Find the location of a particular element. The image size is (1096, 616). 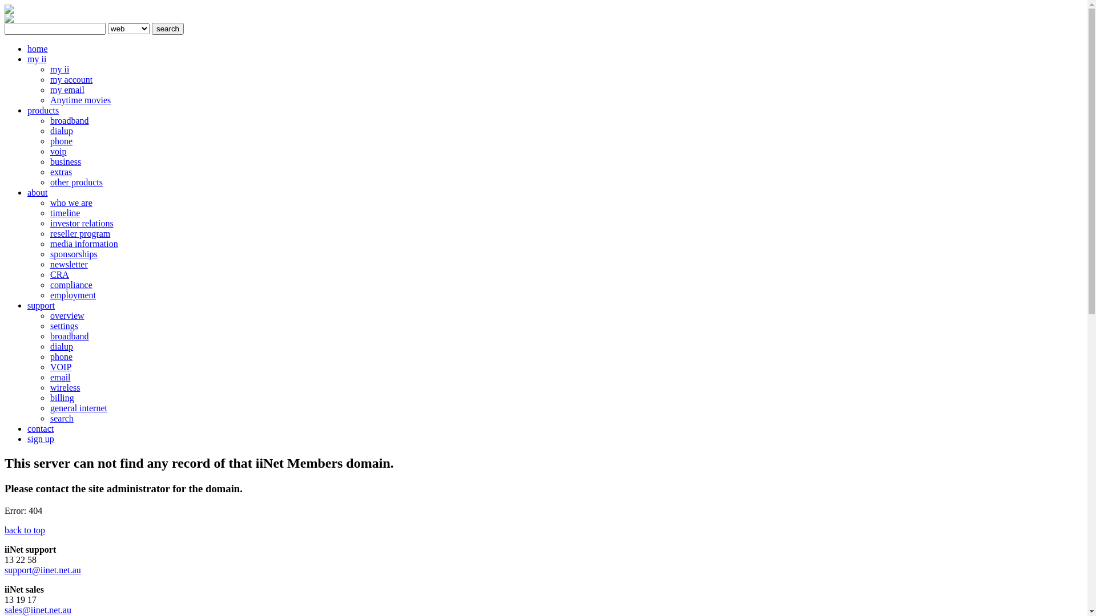

'reseller program' is located at coordinates (79, 233).